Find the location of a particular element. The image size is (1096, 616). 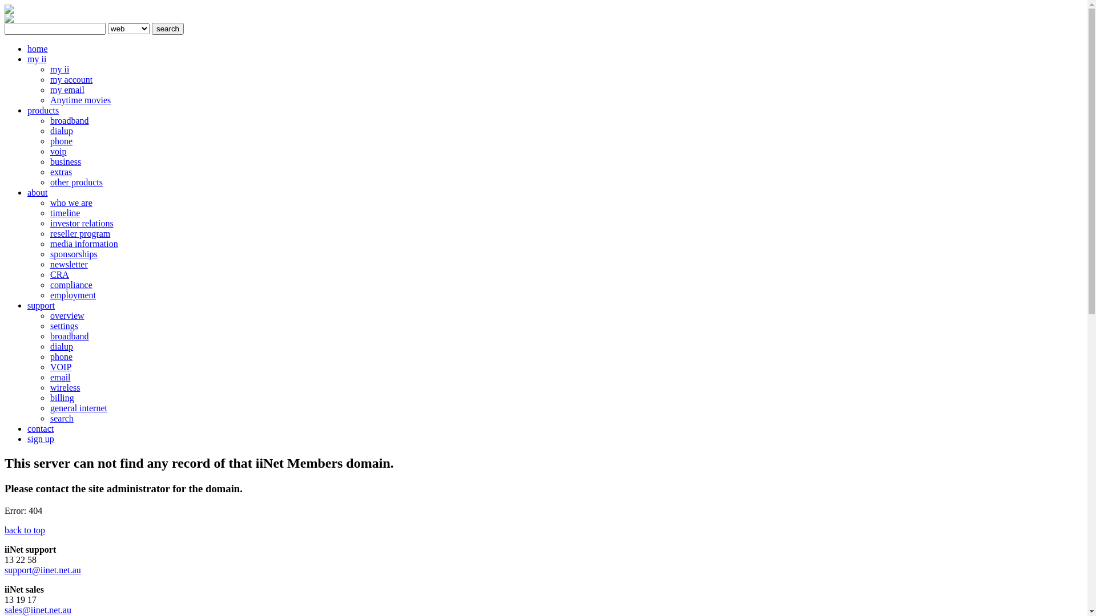

'reseller program' is located at coordinates (79, 233).